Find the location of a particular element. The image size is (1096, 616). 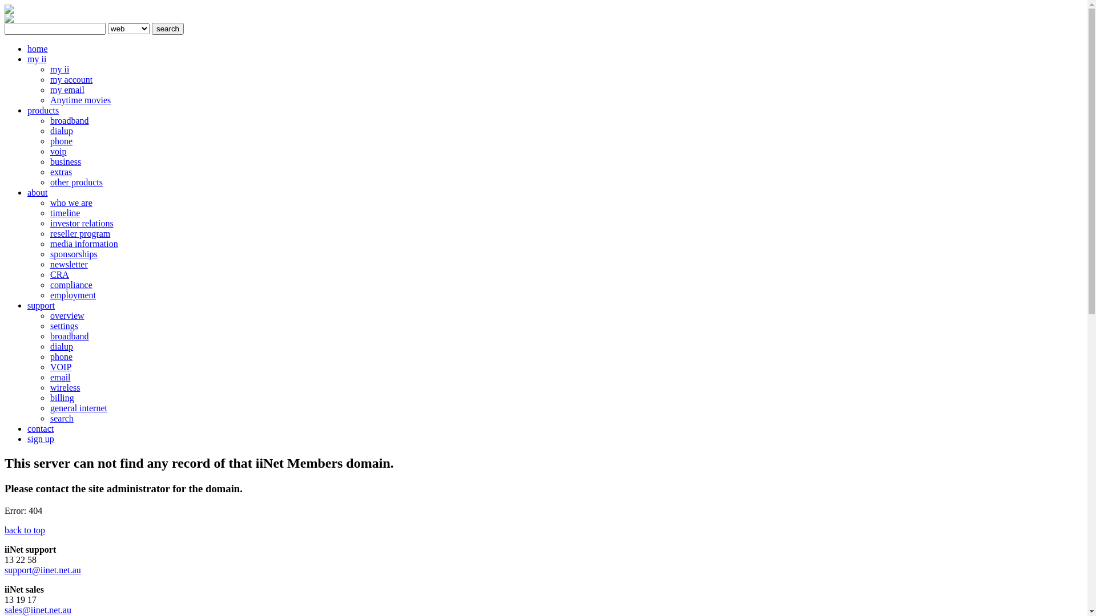

'reseller program' is located at coordinates (79, 233).